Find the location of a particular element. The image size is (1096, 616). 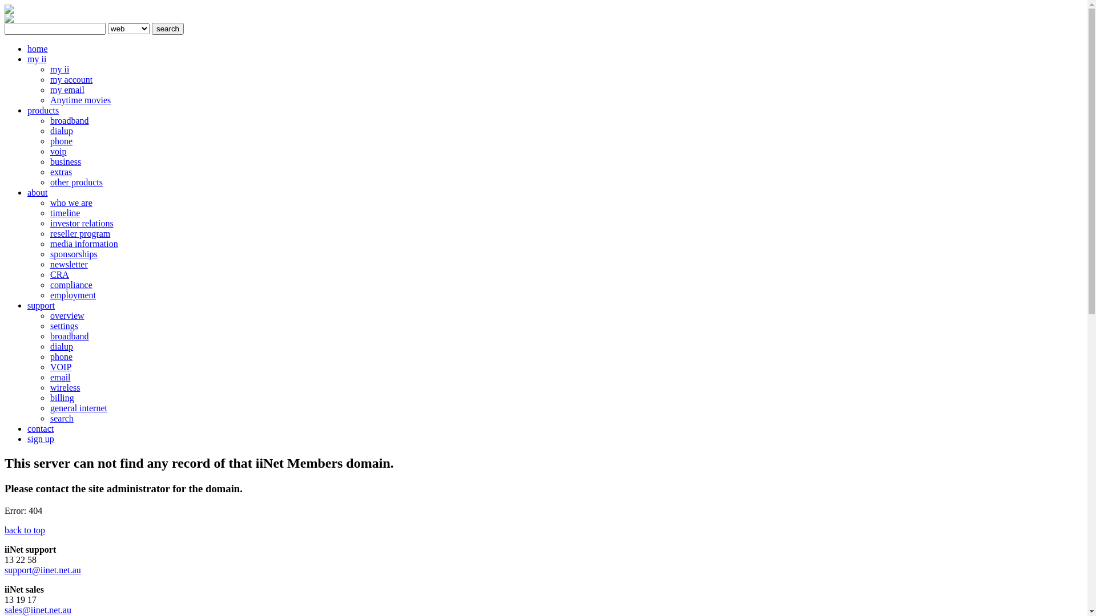

'reseller program' is located at coordinates (79, 233).